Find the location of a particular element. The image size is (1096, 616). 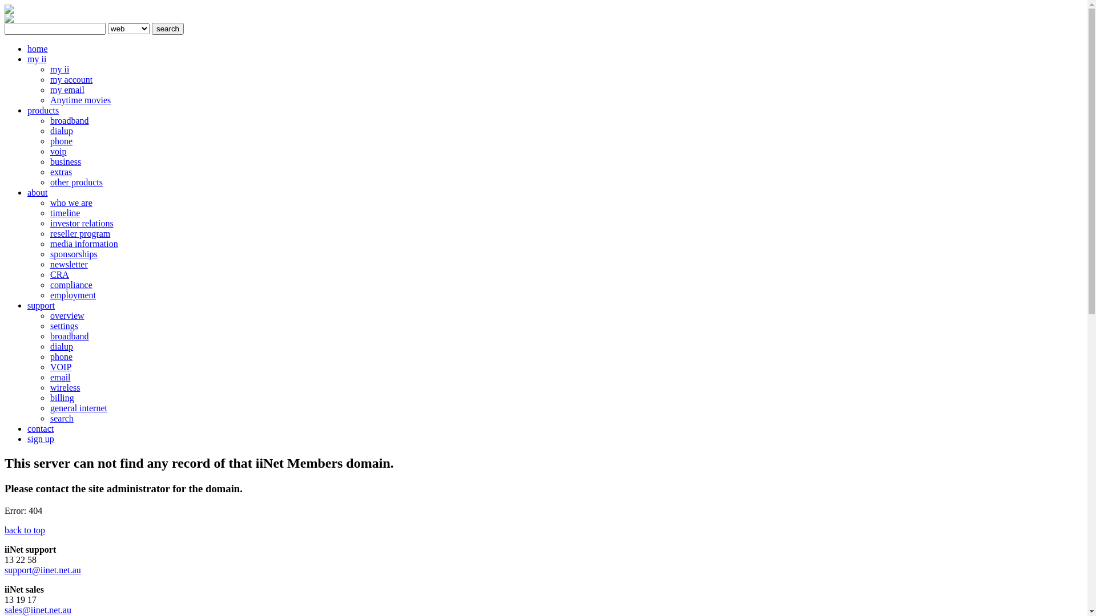

'reseller program' is located at coordinates (79, 233).